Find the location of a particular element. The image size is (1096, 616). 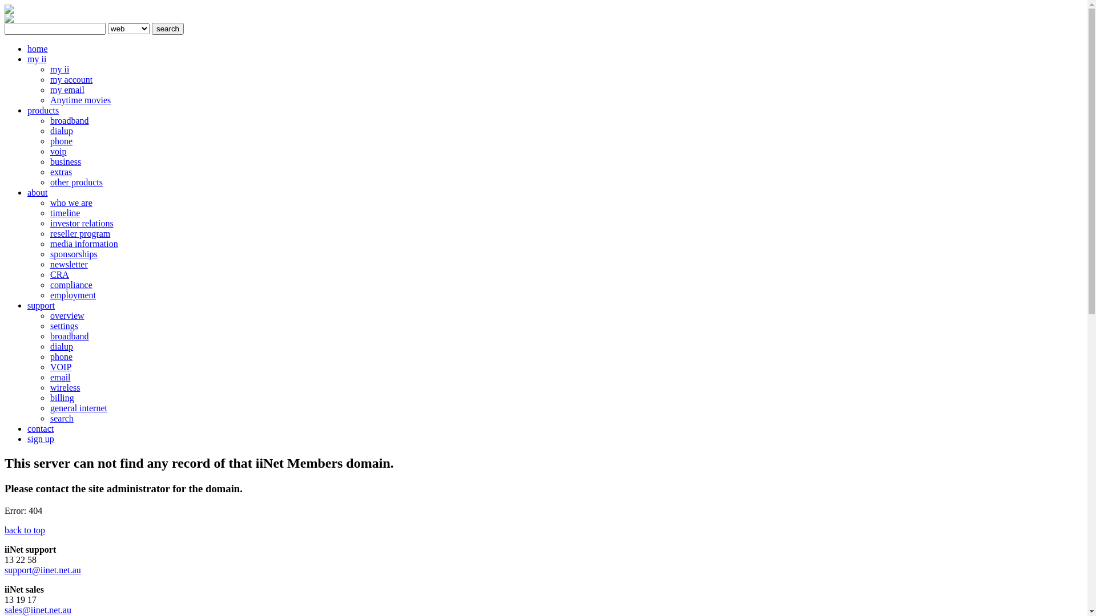

'reseller program' is located at coordinates (79, 233).